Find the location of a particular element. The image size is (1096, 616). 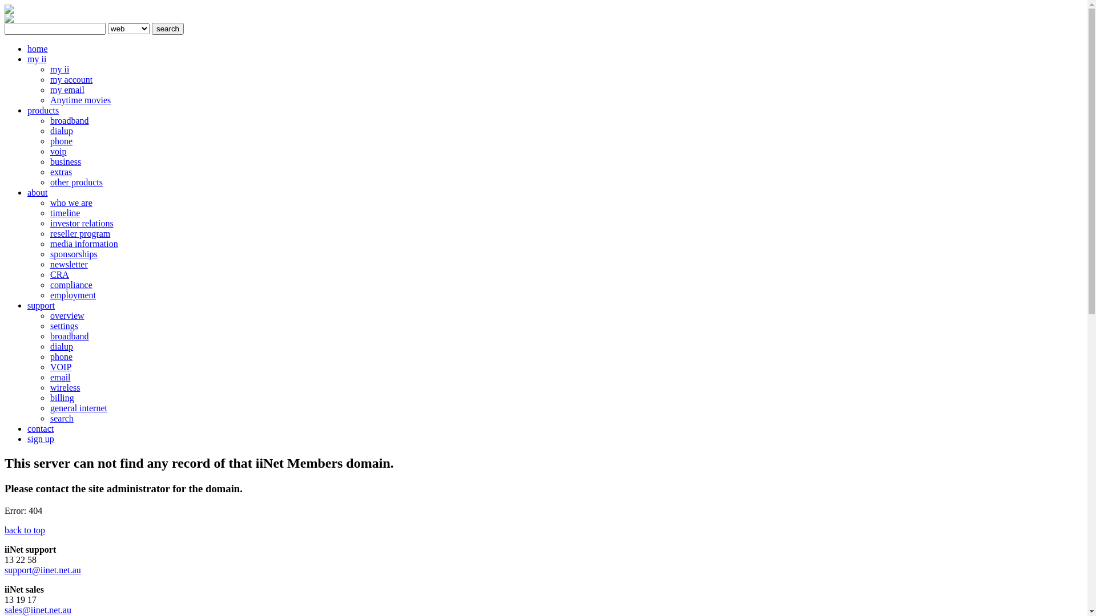

'reseller program' is located at coordinates (79, 233).